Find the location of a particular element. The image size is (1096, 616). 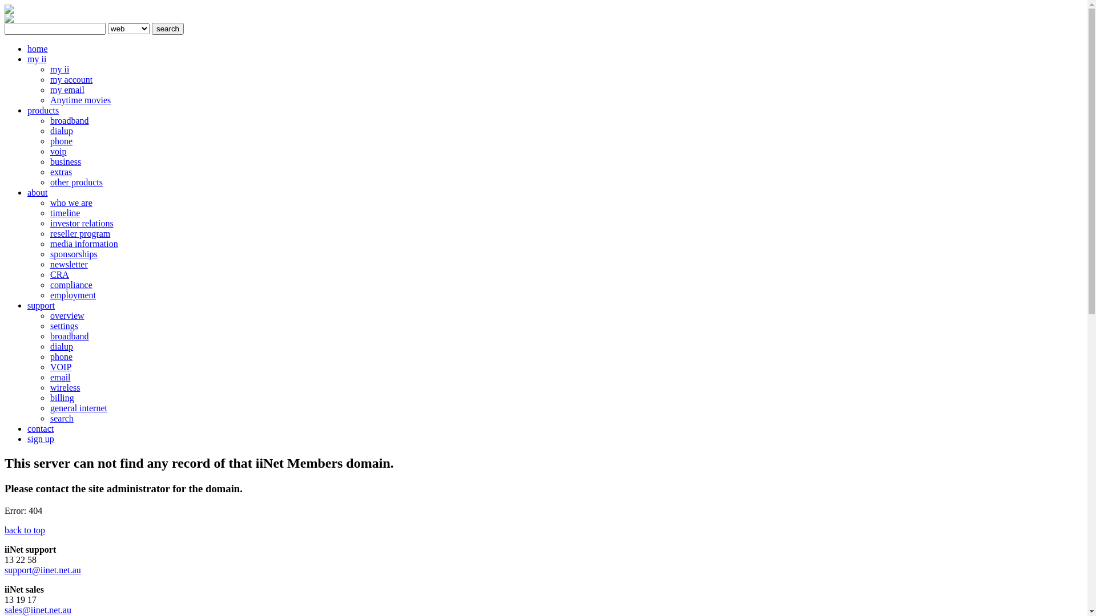

'reseller program' is located at coordinates (79, 233).